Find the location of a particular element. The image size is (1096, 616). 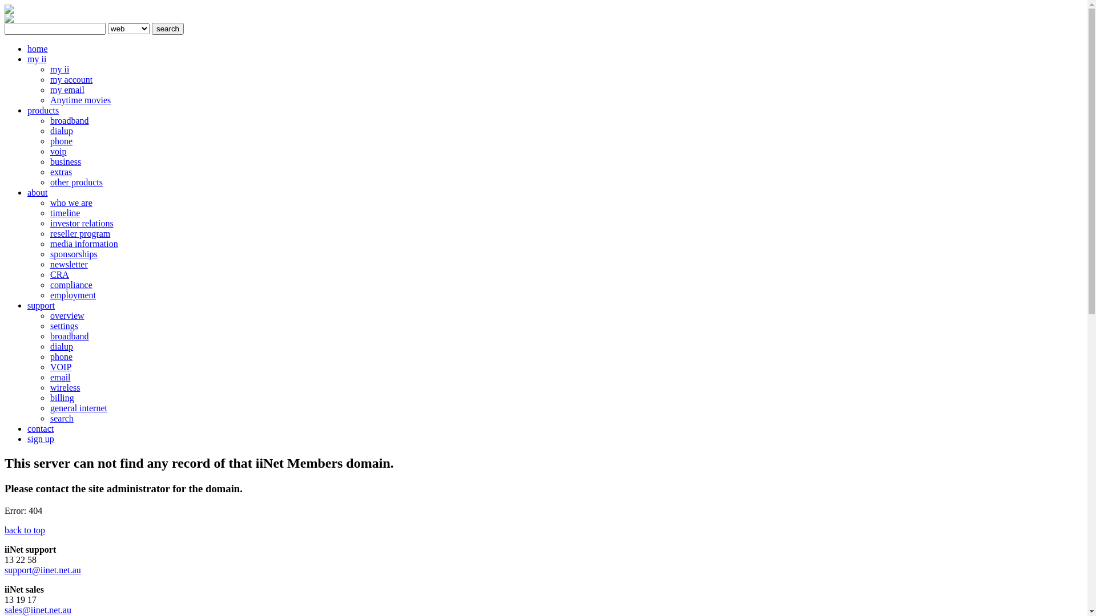

'reseller program' is located at coordinates (79, 233).